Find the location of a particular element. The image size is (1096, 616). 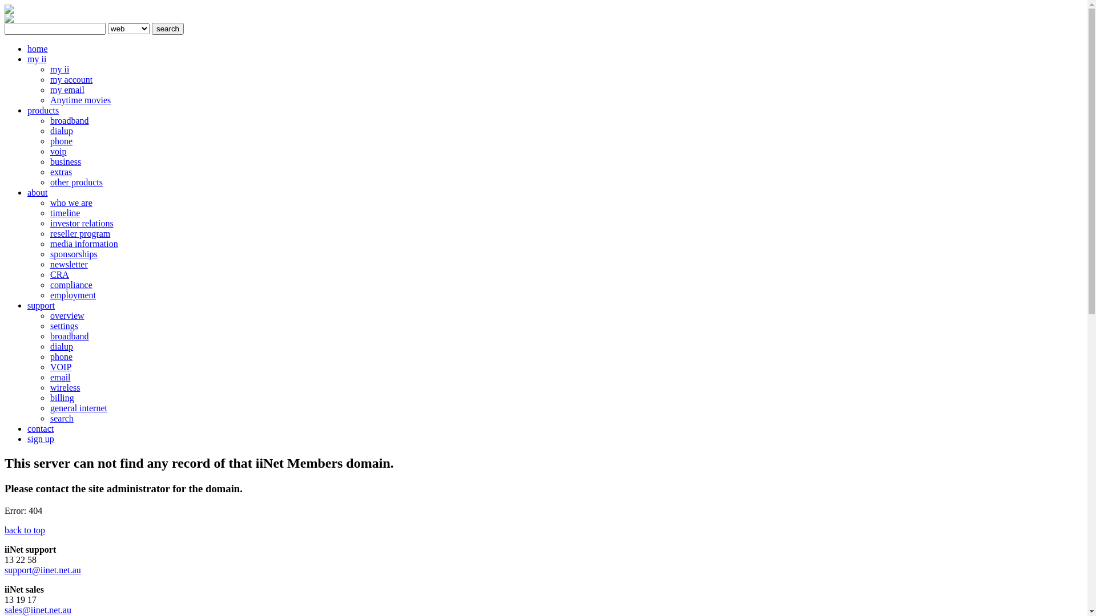

'reseller program' is located at coordinates (79, 233).